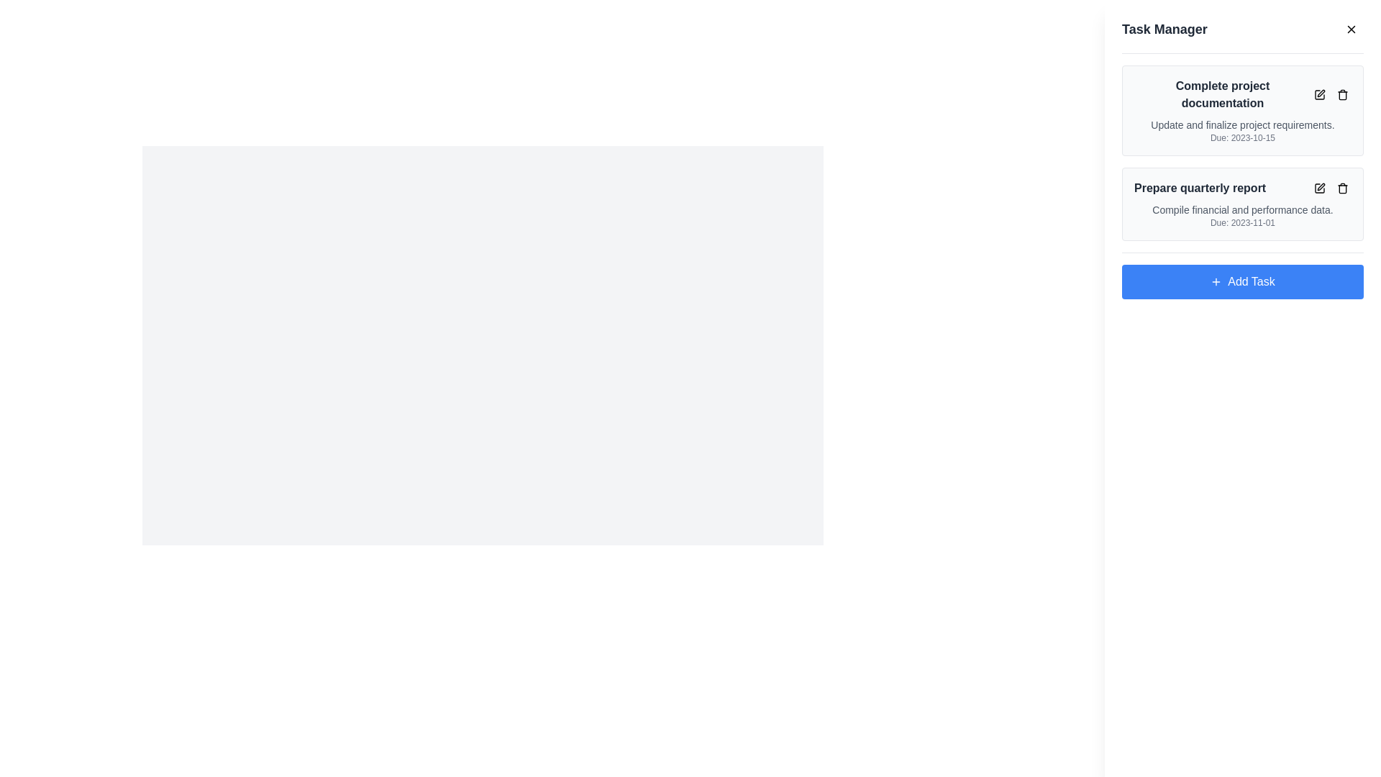  Describe the element at coordinates (1250, 282) in the screenshot. I see `the 'Add Task' button, which is a label styled in white text on a blue background, located in the sidebar near the bottom, adjacent to a '+' icon` at that location.